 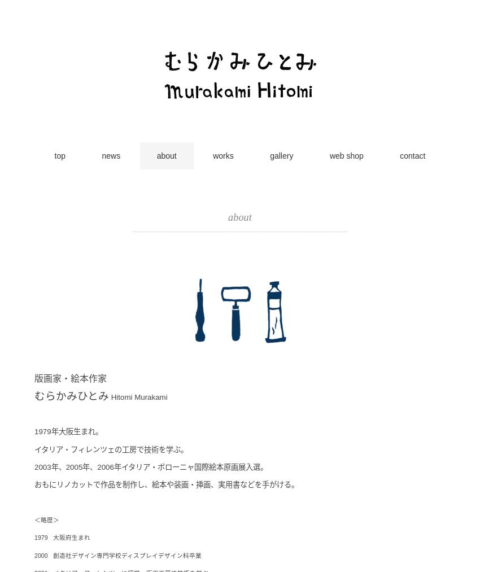 I want to click on 'Hitomi Murakami', so click(x=138, y=396).